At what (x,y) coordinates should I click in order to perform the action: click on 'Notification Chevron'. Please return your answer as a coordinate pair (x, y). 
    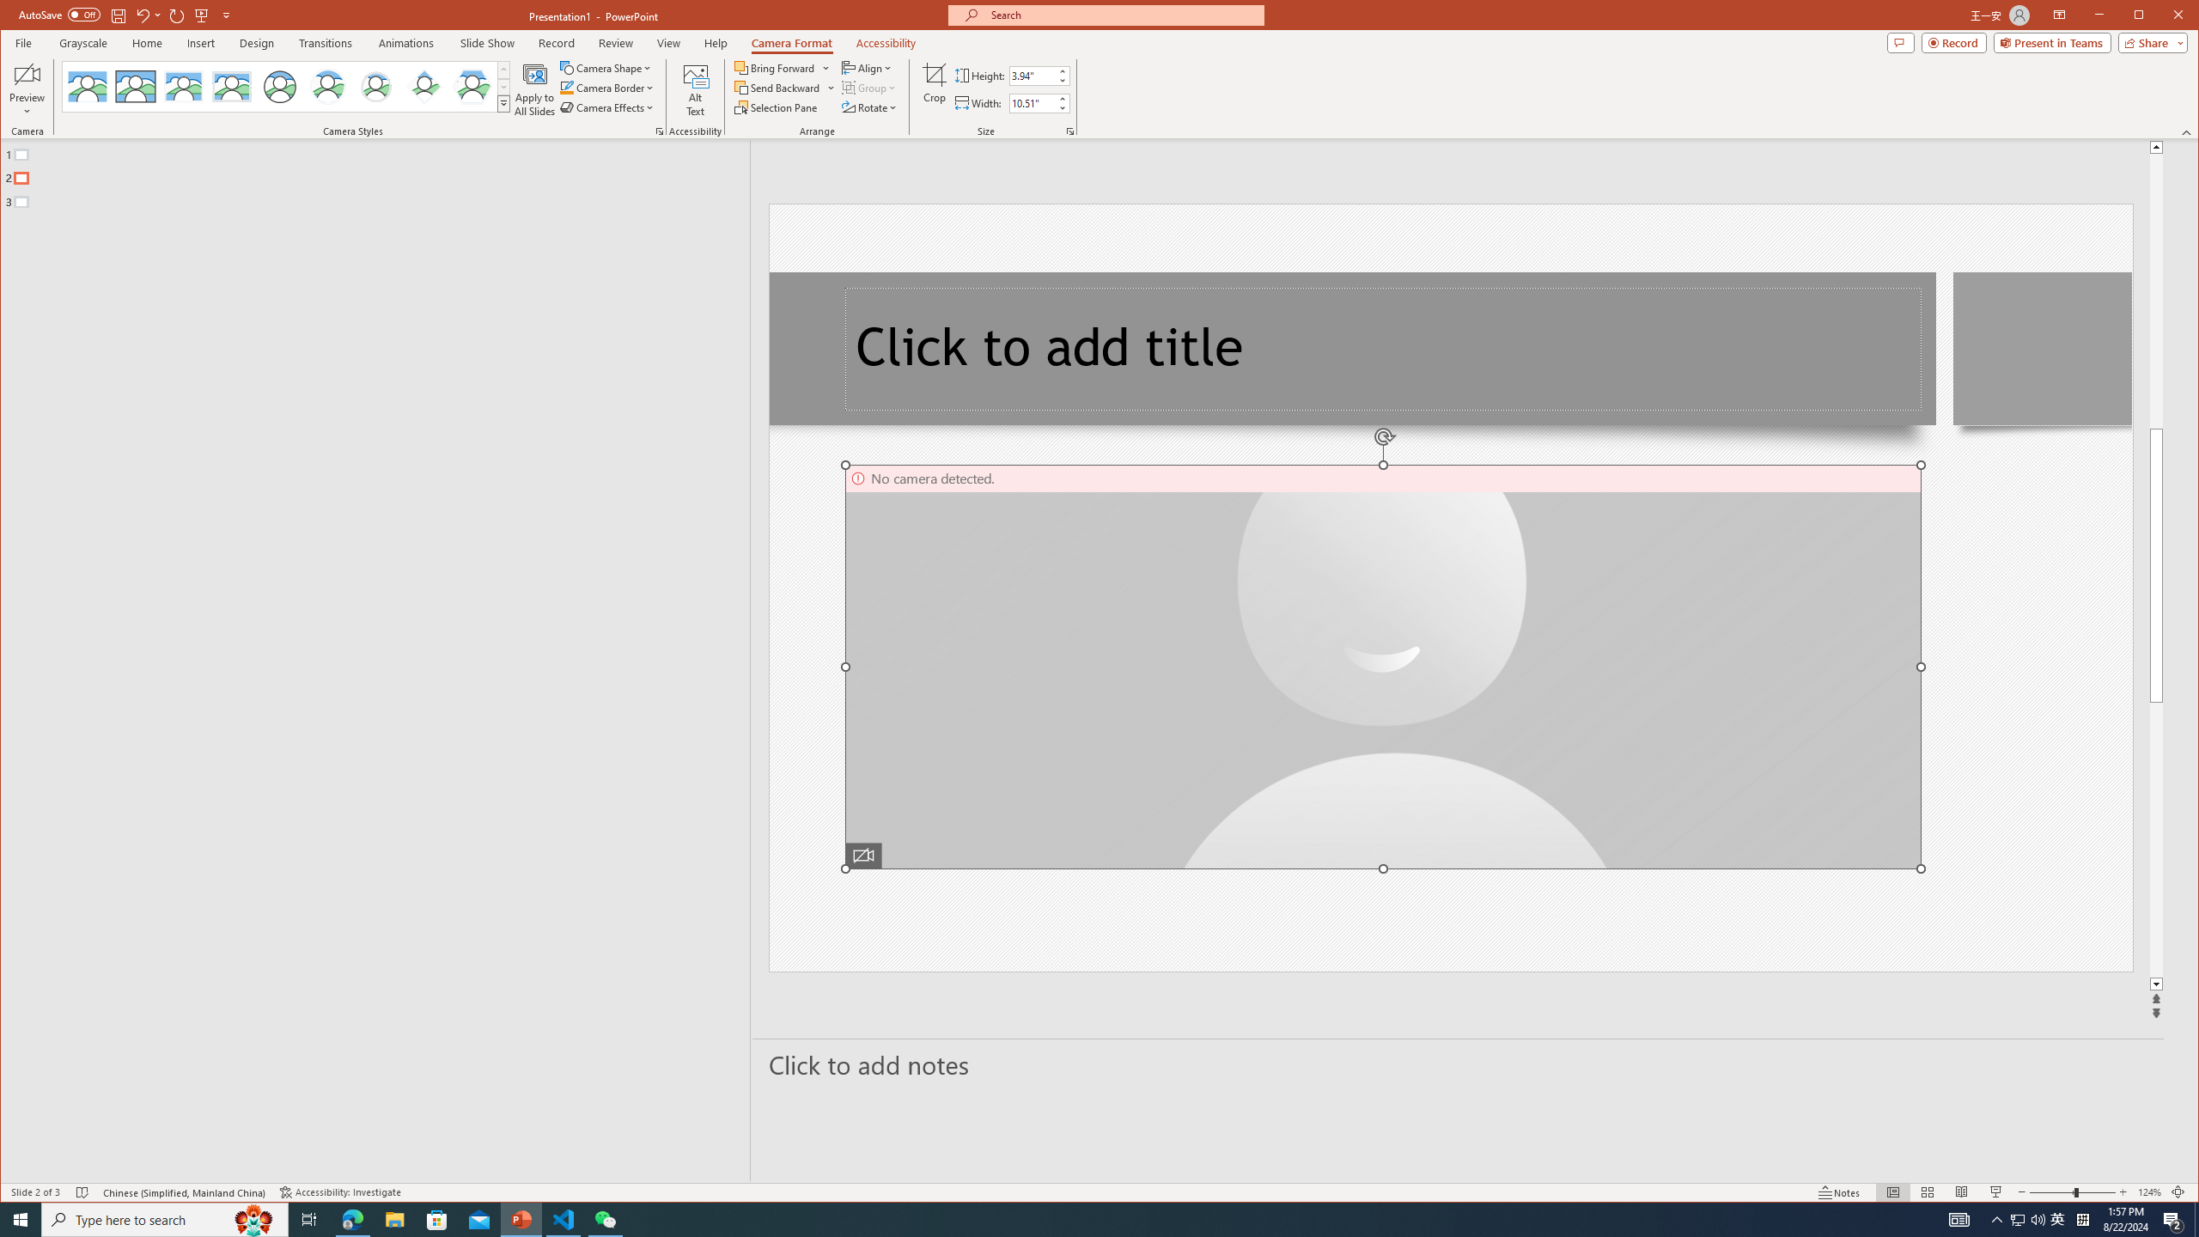
    Looking at the image, I should click on (1996, 1218).